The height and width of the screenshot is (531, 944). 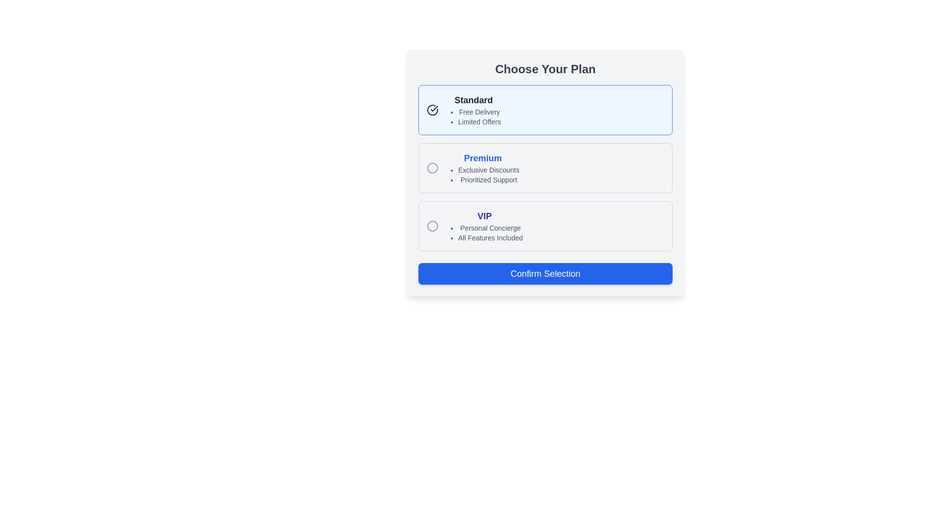 I want to click on the text list item that describes the benefits of the 'Premium' plan, located below the 'Premium' title and aligned to the left, so click(x=489, y=174).